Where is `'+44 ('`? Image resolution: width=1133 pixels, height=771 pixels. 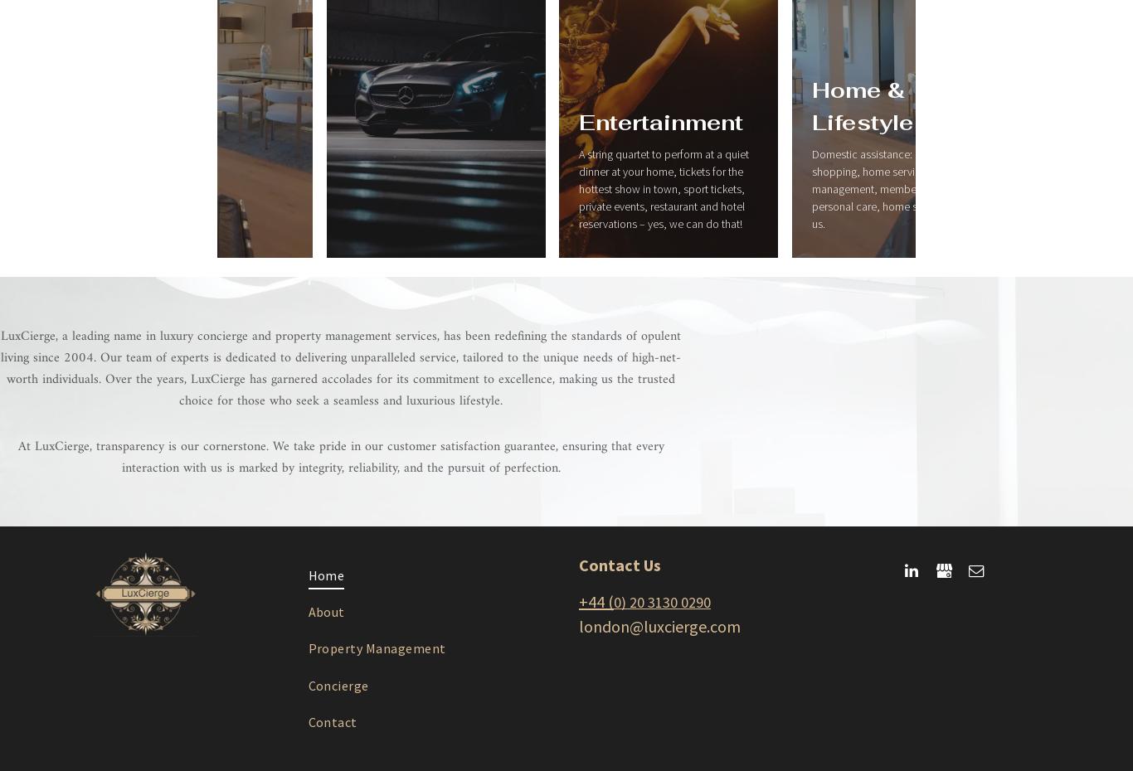
'+44 (' is located at coordinates (596, 601).